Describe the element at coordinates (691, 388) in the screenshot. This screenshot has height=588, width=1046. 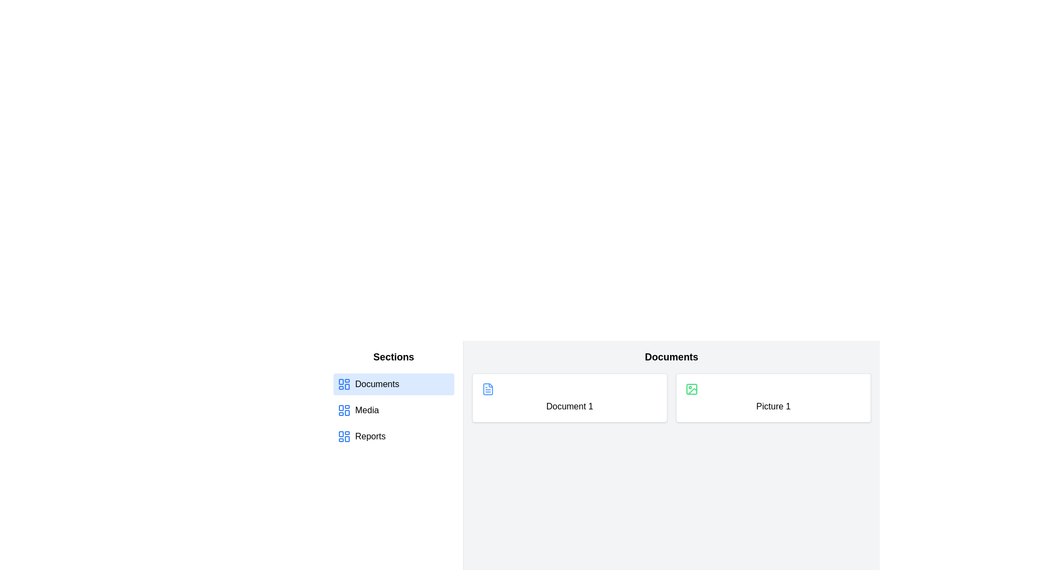
I see `the visual content of the small, rectangular Graphical Icon Component located at the top center of the card labeled 'Picture 1' in the 'Documents' section` at that location.